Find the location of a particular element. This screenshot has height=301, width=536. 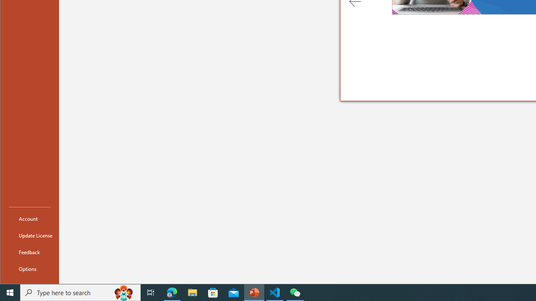

'Update License' is located at coordinates (30, 235).